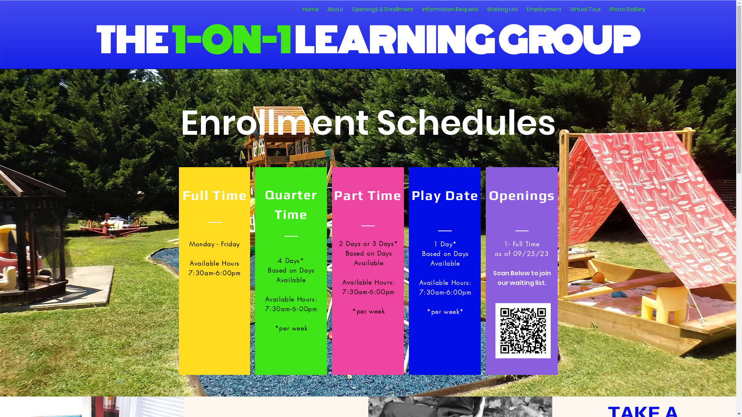  What do you see at coordinates (502, 9) in the screenshot?
I see `'Waiting List'` at bounding box center [502, 9].